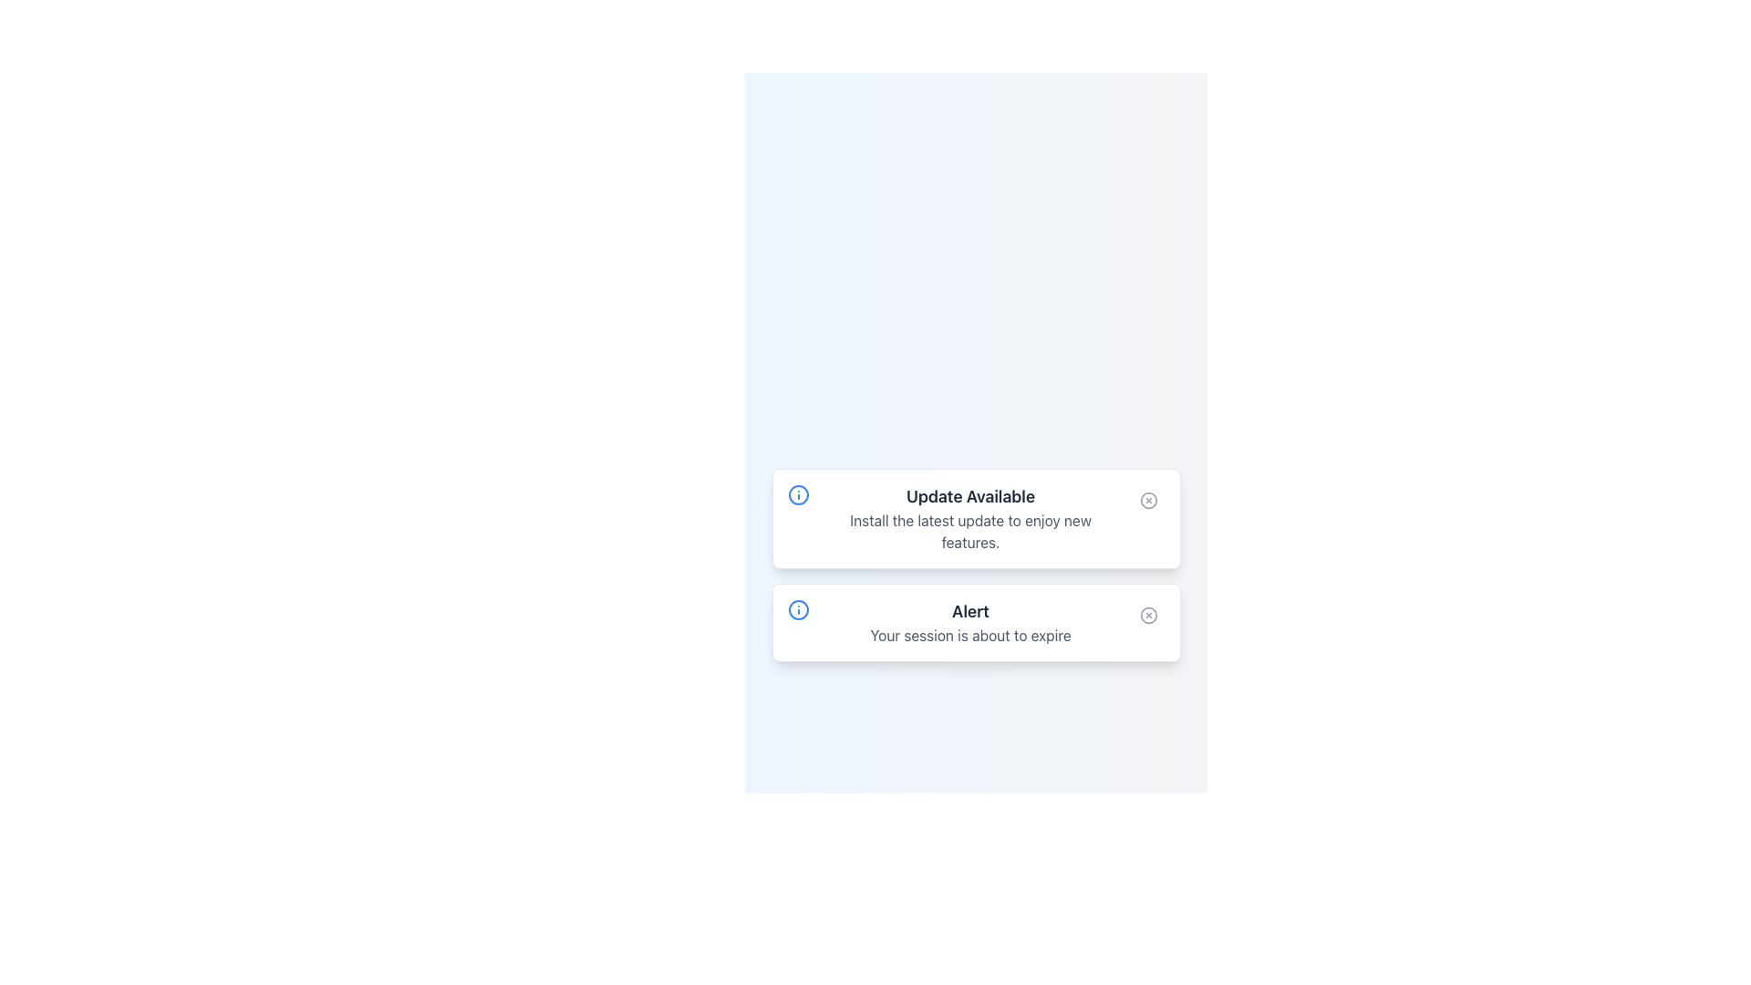  Describe the element at coordinates (969, 519) in the screenshot. I see `notification displayed in the informational Textblock located near the top-center of the bordered card, which describes an available update and its advantages` at that location.